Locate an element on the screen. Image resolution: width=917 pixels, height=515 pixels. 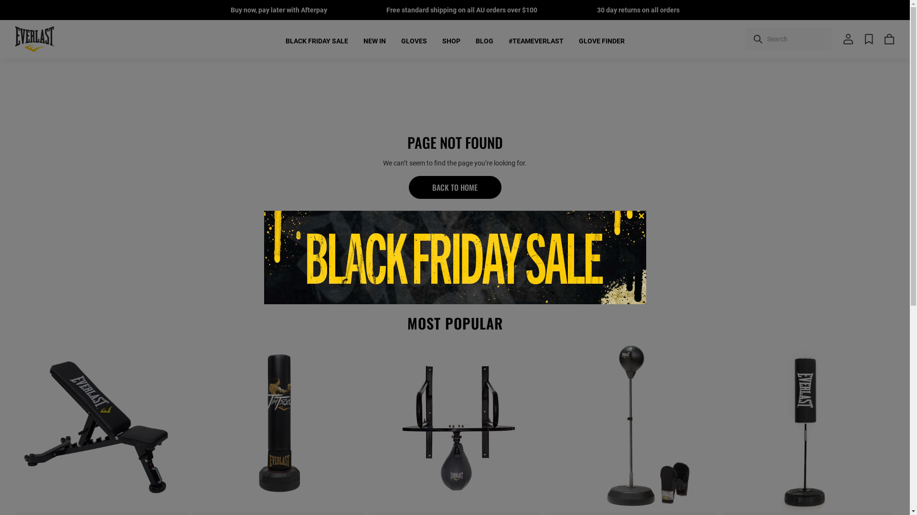
'#TEAMEVERLAST' is located at coordinates (535, 40).